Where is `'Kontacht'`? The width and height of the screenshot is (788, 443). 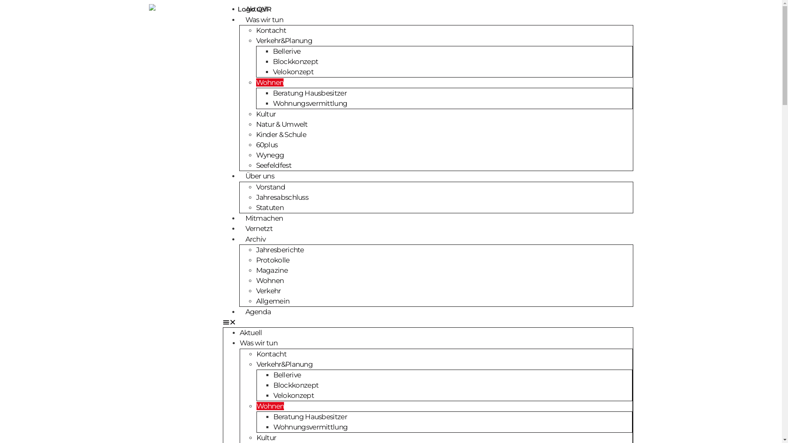 'Kontacht' is located at coordinates (271, 30).